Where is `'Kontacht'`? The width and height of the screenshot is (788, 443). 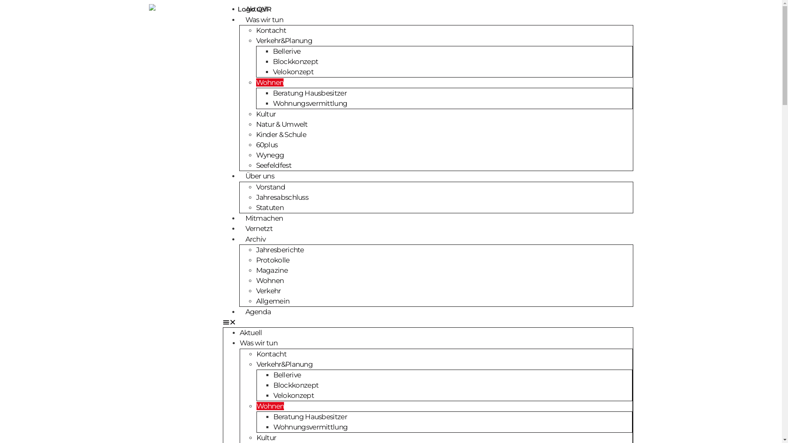 'Kontacht' is located at coordinates (271, 30).